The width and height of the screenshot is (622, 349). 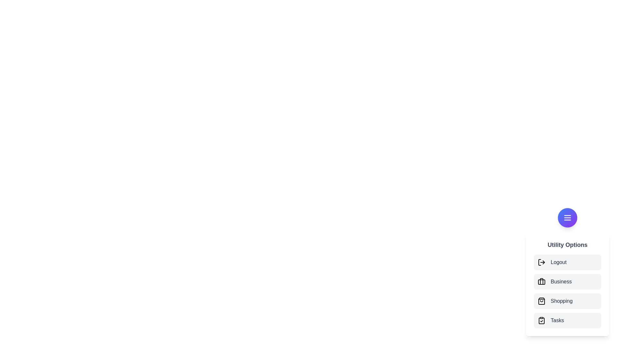 What do you see at coordinates (567, 218) in the screenshot?
I see `the menu button to toggle the menu state` at bounding box center [567, 218].